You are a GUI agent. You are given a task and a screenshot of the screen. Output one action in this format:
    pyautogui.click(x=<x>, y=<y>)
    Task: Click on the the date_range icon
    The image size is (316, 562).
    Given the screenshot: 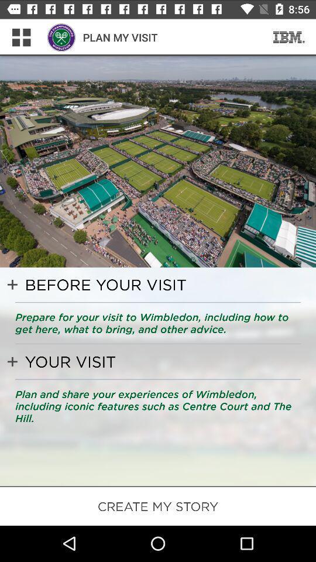 What is the action you would take?
    pyautogui.click(x=288, y=36)
    